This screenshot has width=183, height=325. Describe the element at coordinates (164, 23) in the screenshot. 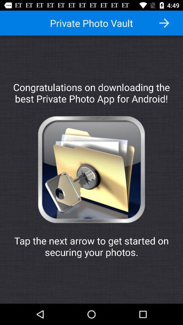

I see `previous` at that location.